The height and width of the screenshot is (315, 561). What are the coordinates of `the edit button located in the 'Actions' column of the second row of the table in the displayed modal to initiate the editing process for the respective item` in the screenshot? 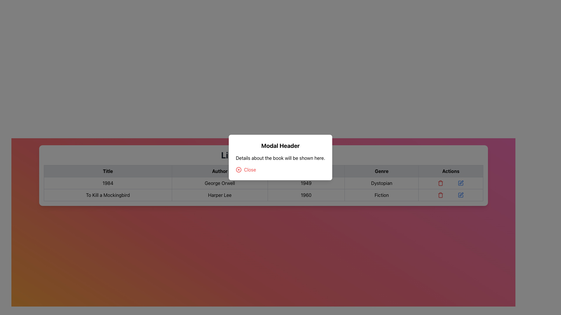 It's located at (460, 195).